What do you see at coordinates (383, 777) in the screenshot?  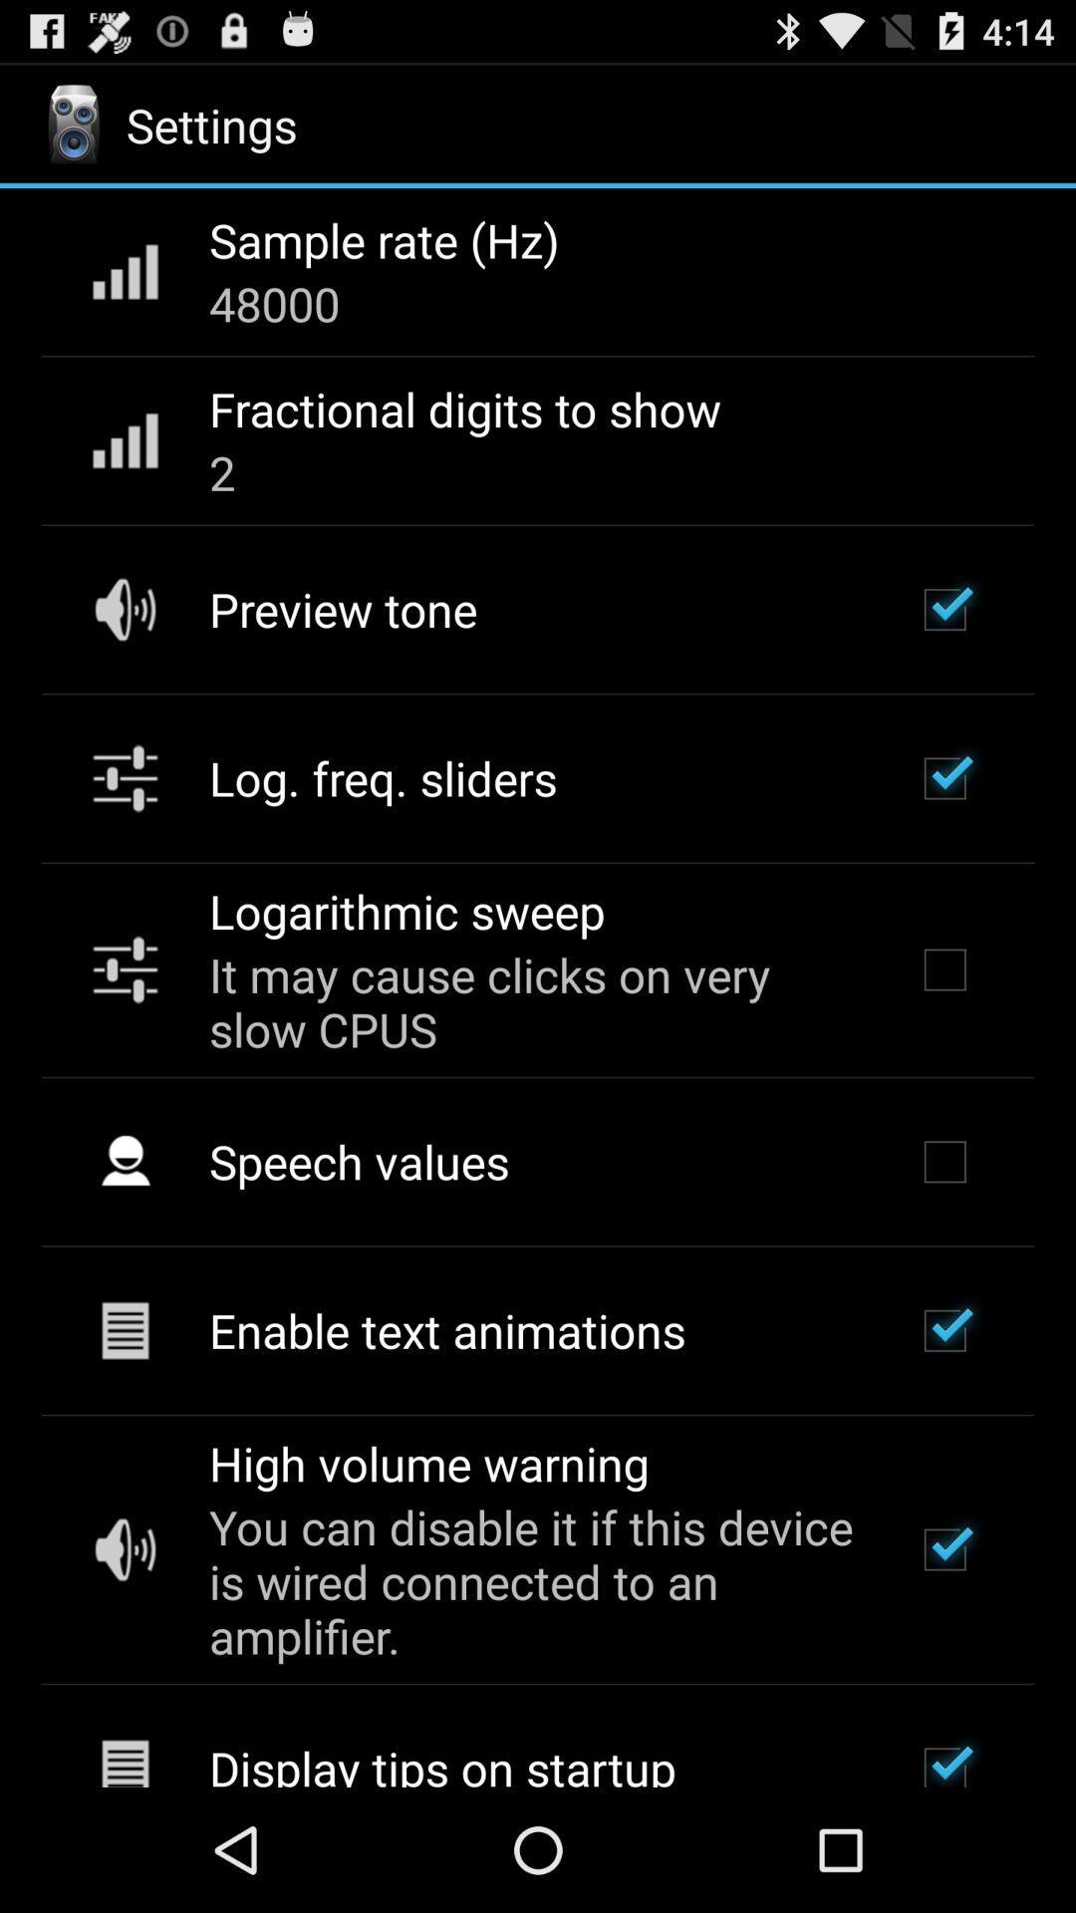 I see `log. freq. sliders app` at bounding box center [383, 777].